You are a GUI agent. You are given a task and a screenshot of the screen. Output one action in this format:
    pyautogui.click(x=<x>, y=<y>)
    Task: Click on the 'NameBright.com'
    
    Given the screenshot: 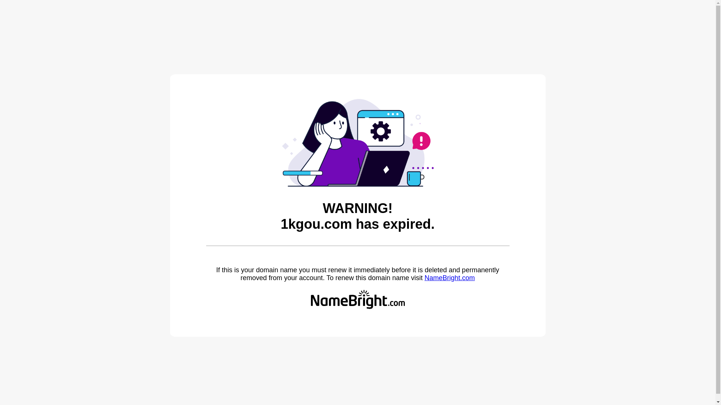 What is the action you would take?
    pyautogui.click(x=449, y=277)
    